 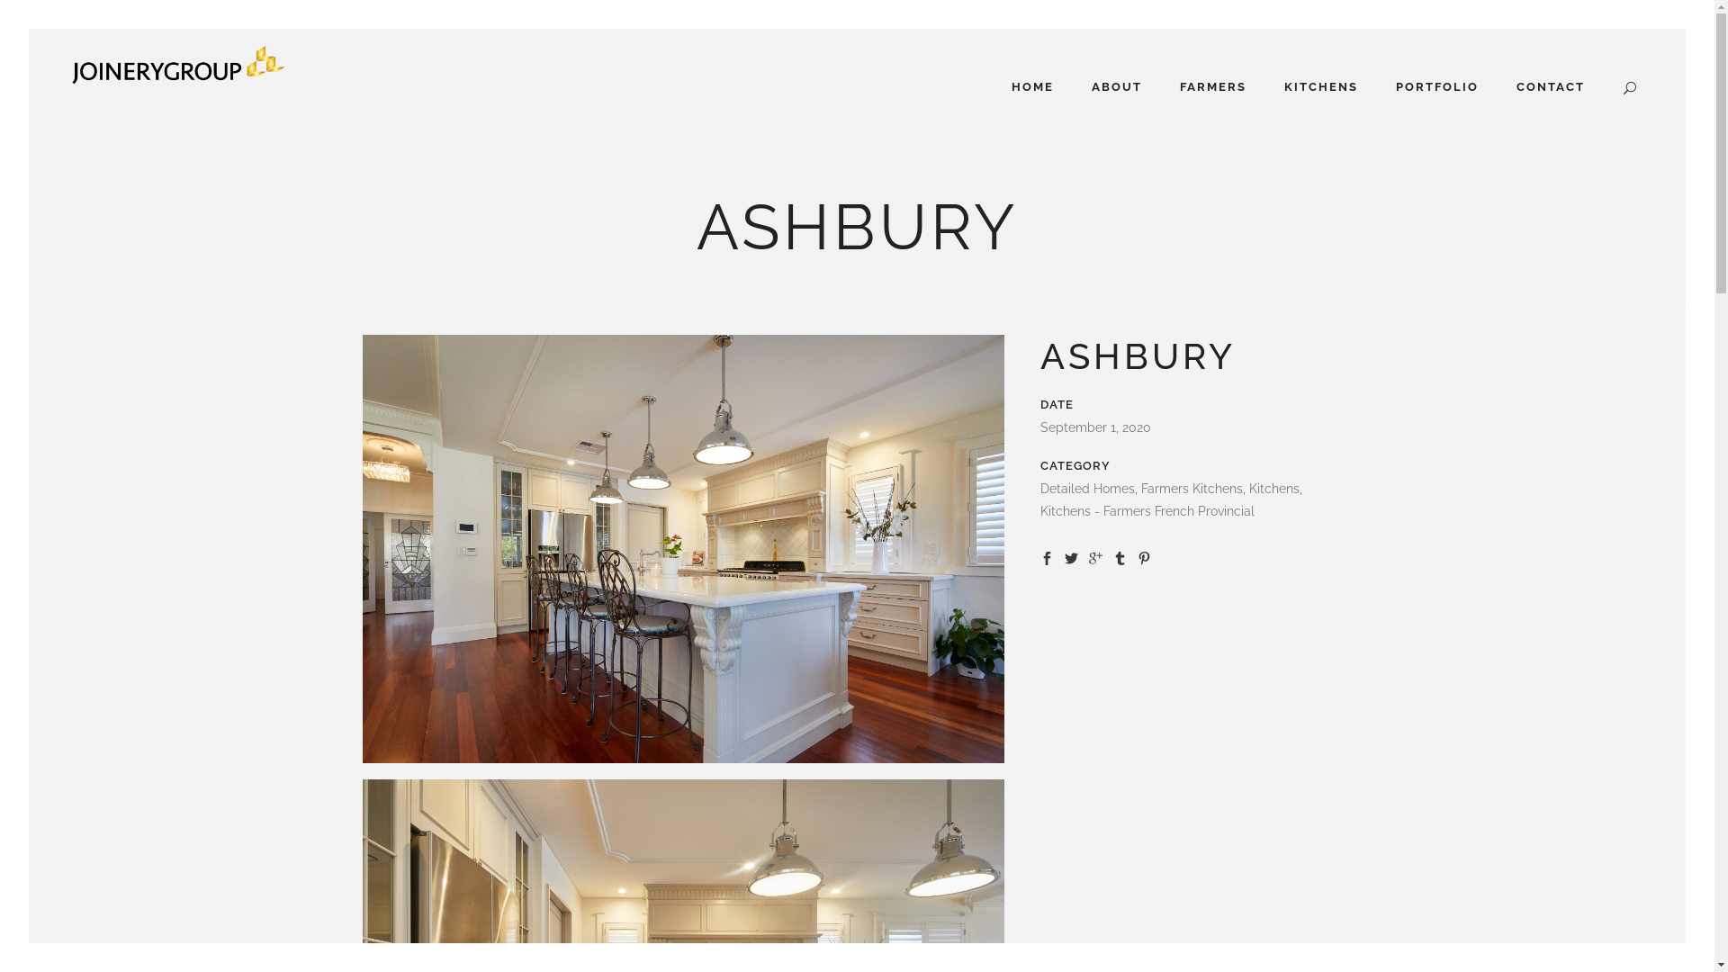 What do you see at coordinates (1321, 86) in the screenshot?
I see `'KITCHENS'` at bounding box center [1321, 86].